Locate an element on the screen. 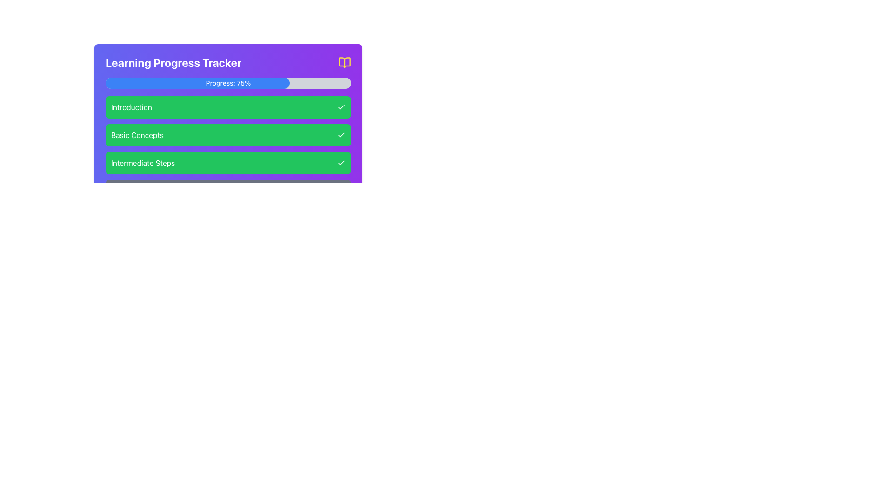 This screenshot has height=502, width=893. the first green list item in the progress tracker located in the top-left quadrant of the highlighted progress section is located at coordinates (228, 107).